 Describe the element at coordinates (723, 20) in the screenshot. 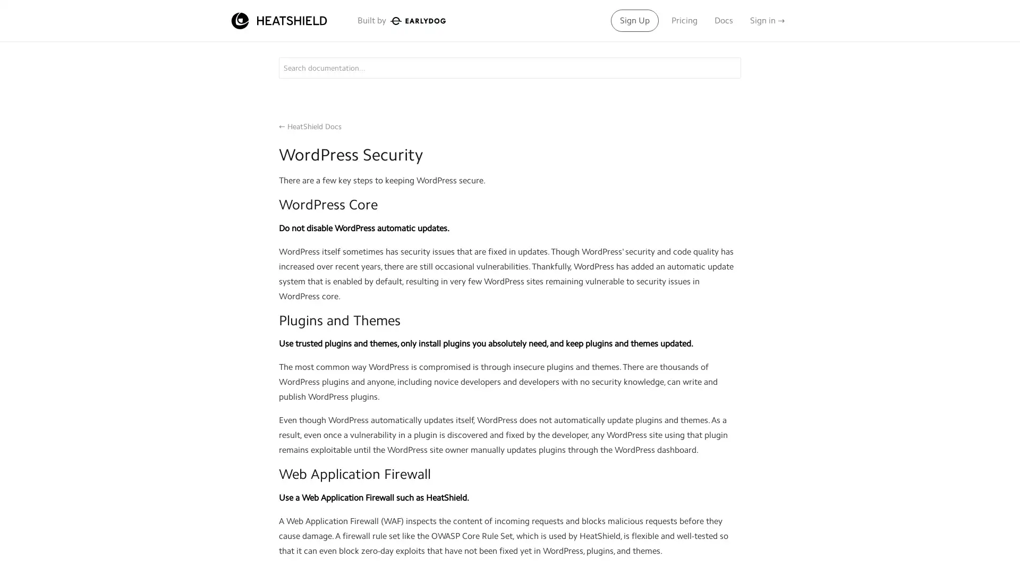

I see `Docs` at that location.